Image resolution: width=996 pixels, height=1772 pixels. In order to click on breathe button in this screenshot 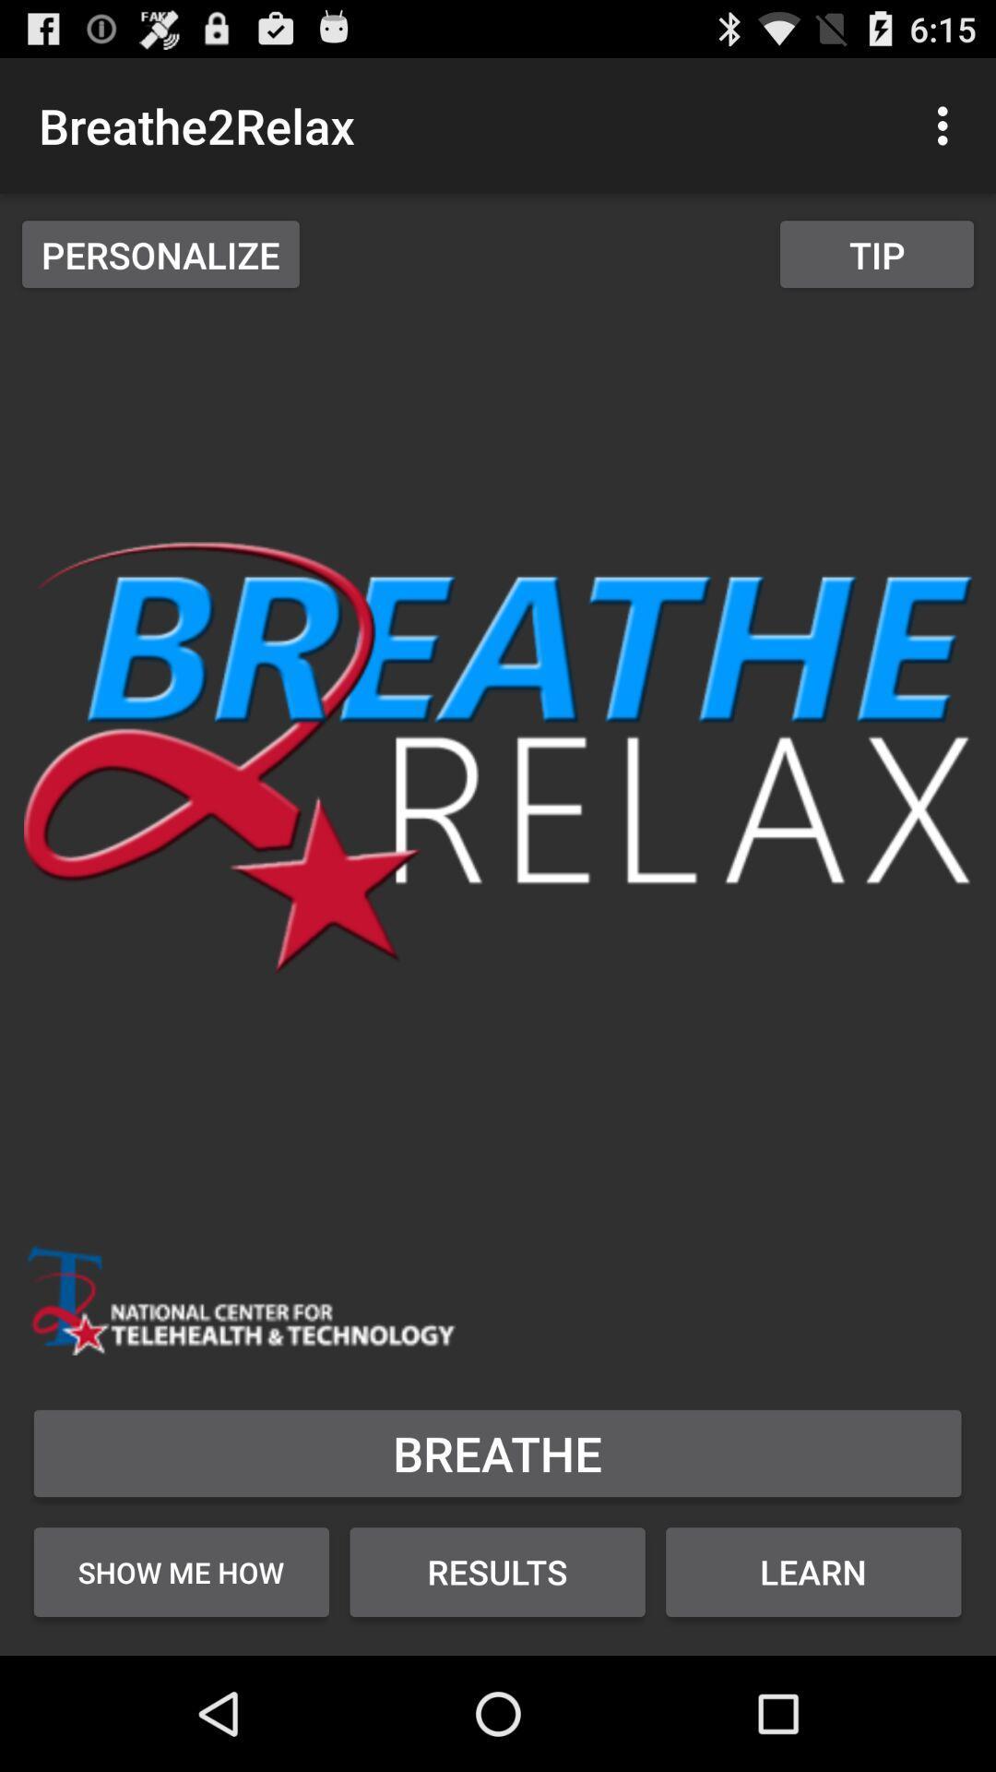, I will do `click(496, 1452)`.